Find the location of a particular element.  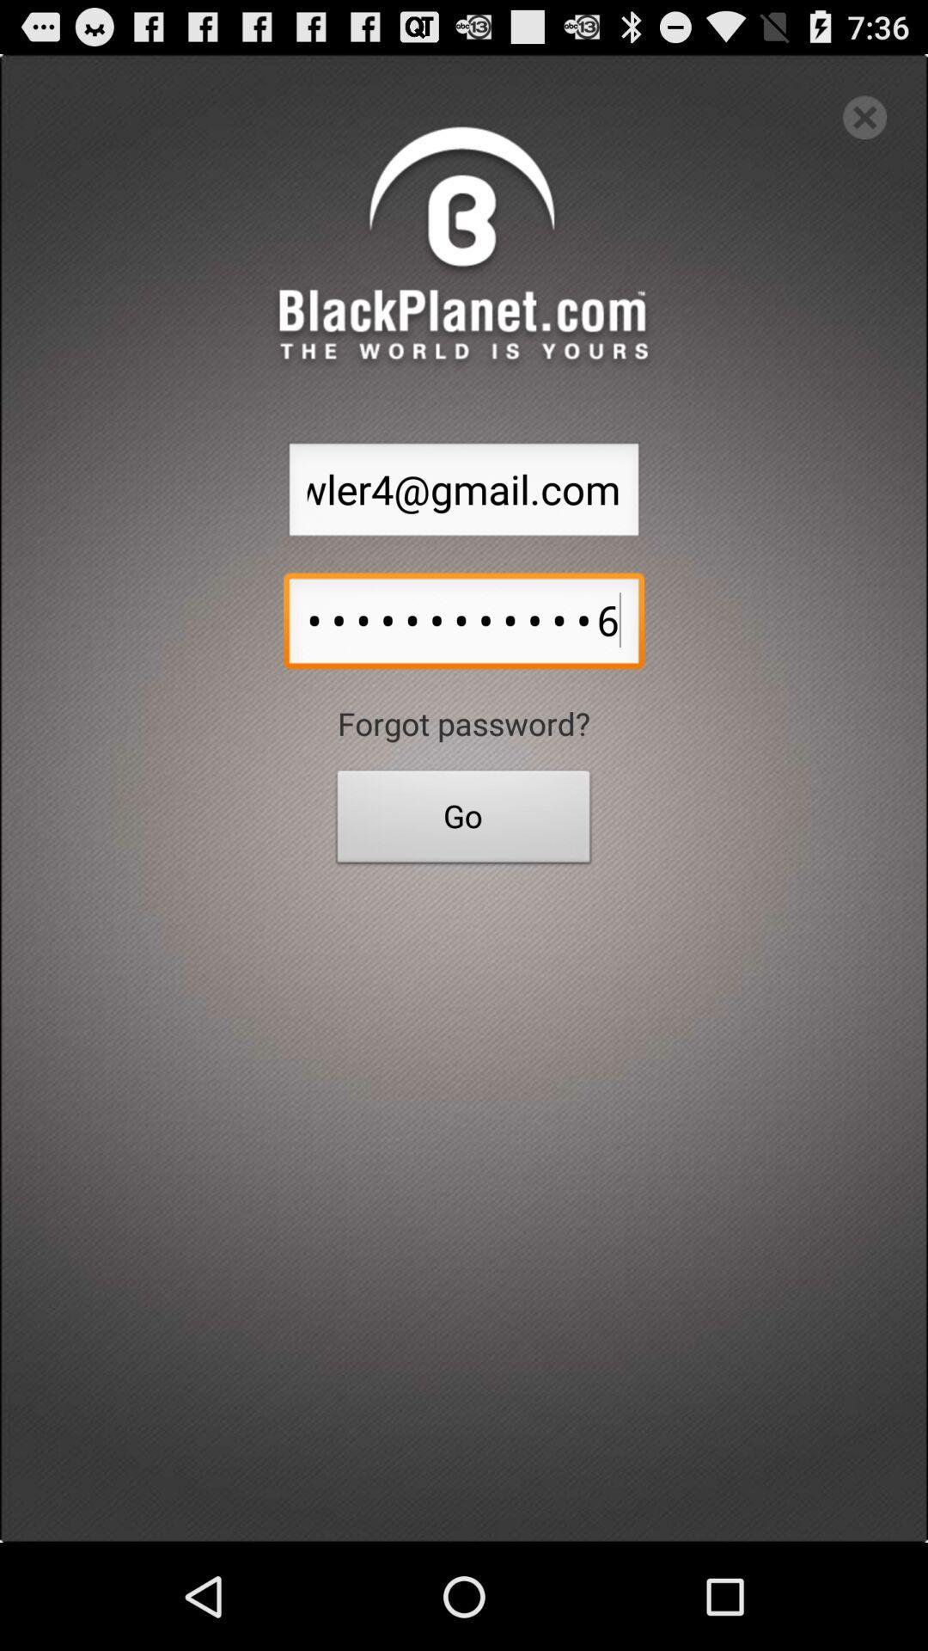

exit out is located at coordinates (864, 116).